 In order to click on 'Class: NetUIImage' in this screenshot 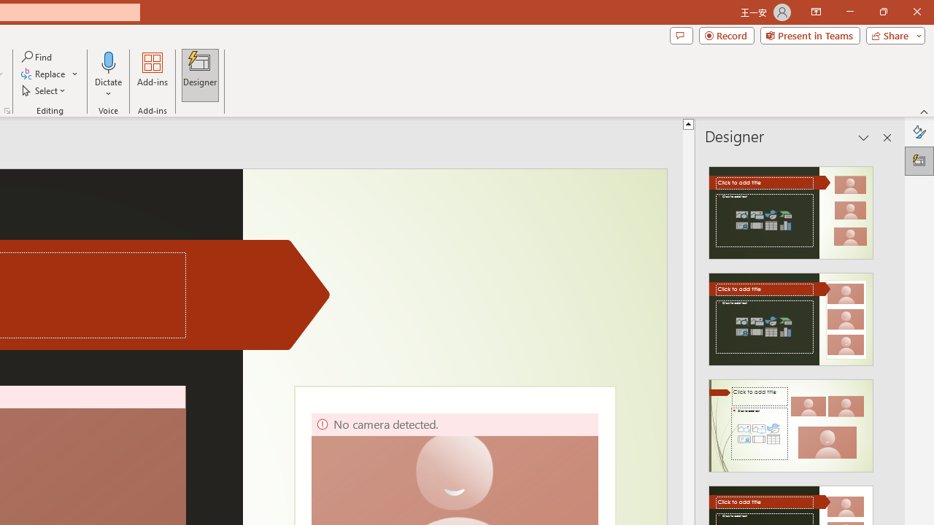, I will do `click(790, 426)`.